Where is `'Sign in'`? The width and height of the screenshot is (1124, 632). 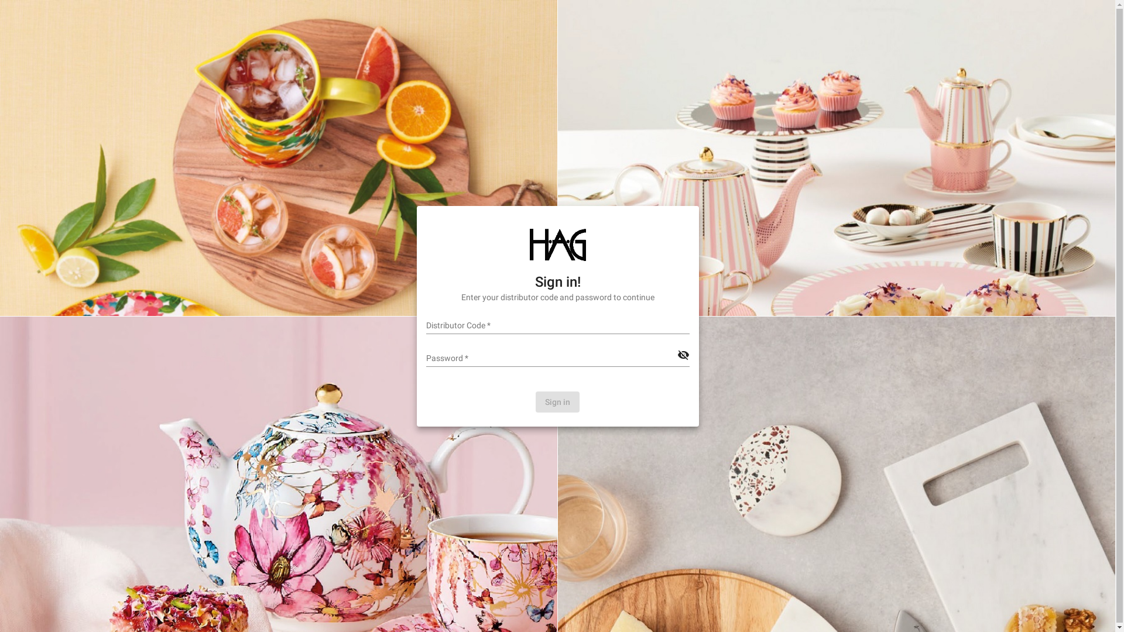 'Sign in' is located at coordinates (557, 401).